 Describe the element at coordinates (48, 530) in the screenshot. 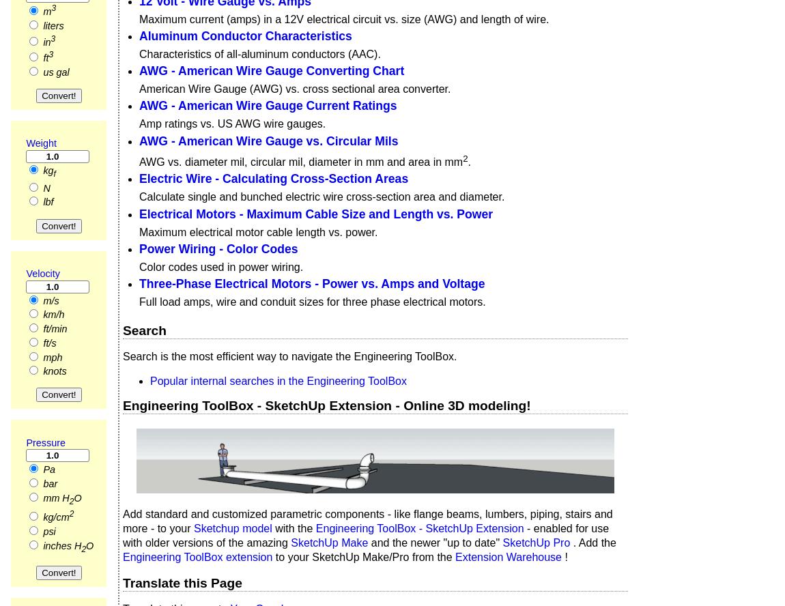

I see `'psi'` at that location.